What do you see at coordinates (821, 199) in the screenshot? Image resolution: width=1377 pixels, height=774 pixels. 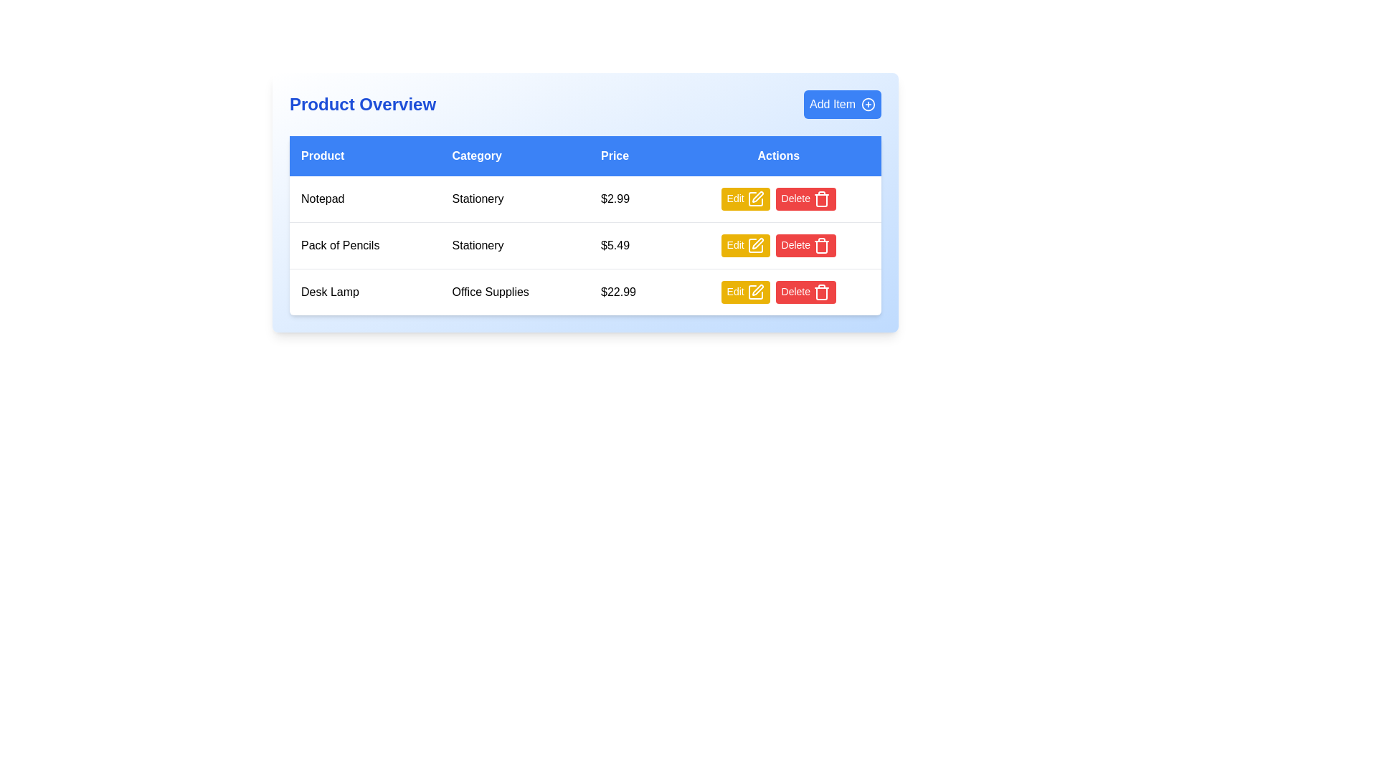 I see `the trash bin icon located to the right of the 'Delete' button in the 'Actions' column of the second row` at bounding box center [821, 199].